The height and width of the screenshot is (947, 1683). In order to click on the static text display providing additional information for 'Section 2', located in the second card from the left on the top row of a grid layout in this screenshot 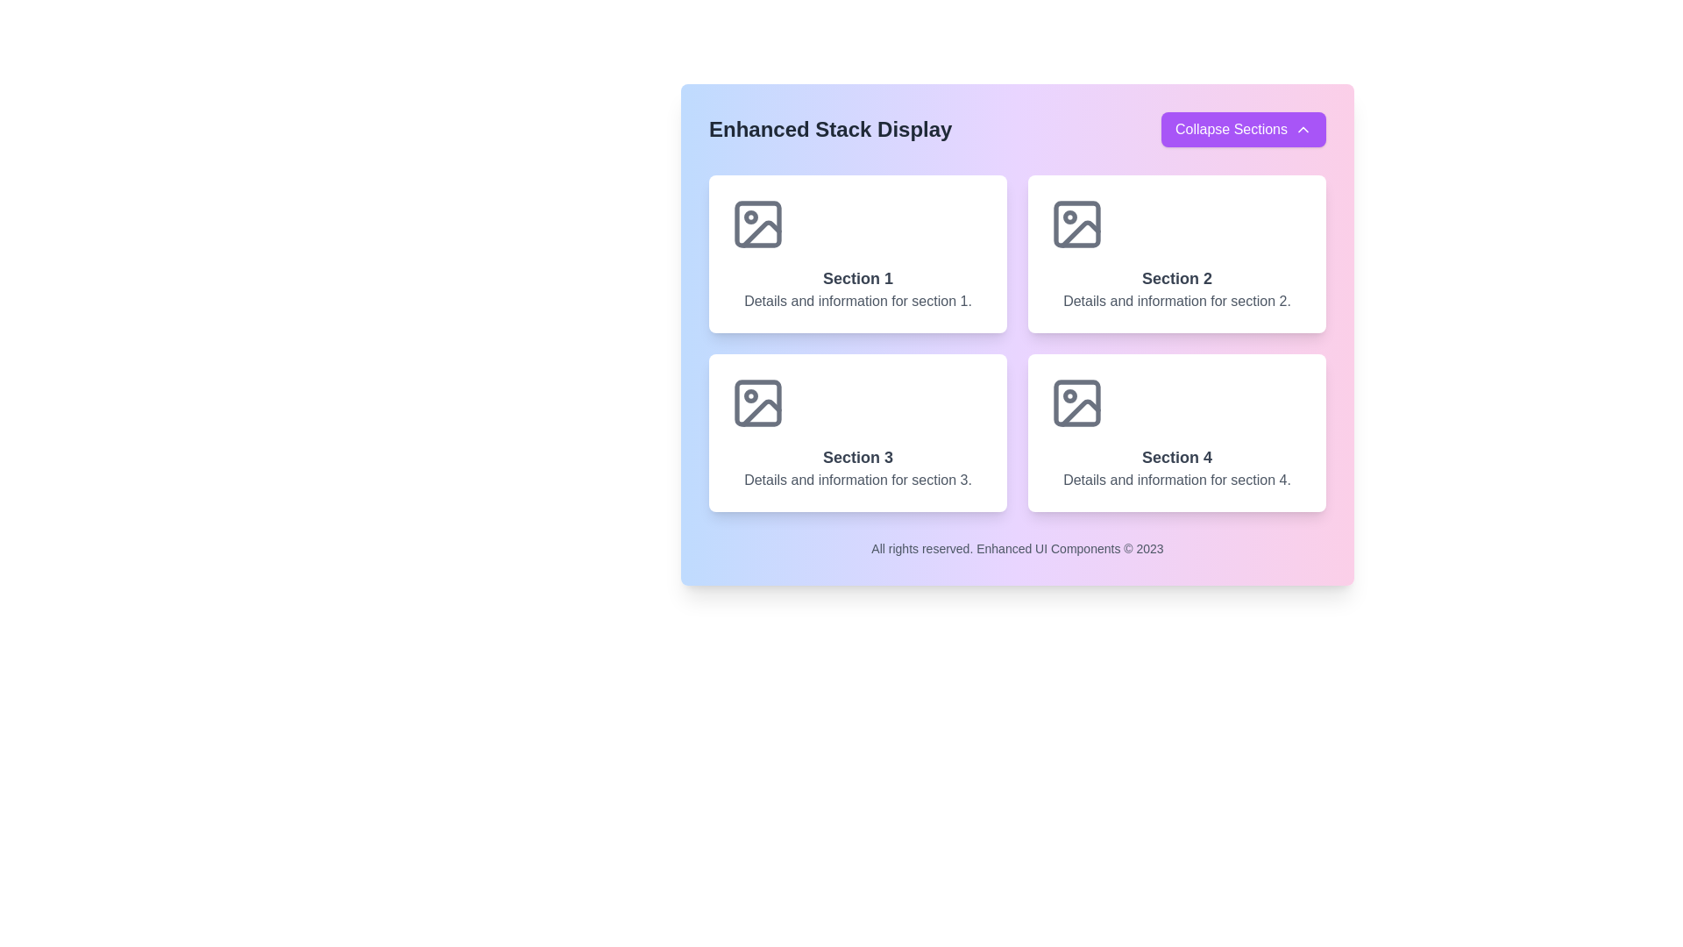, I will do `click(1177, 300)`.